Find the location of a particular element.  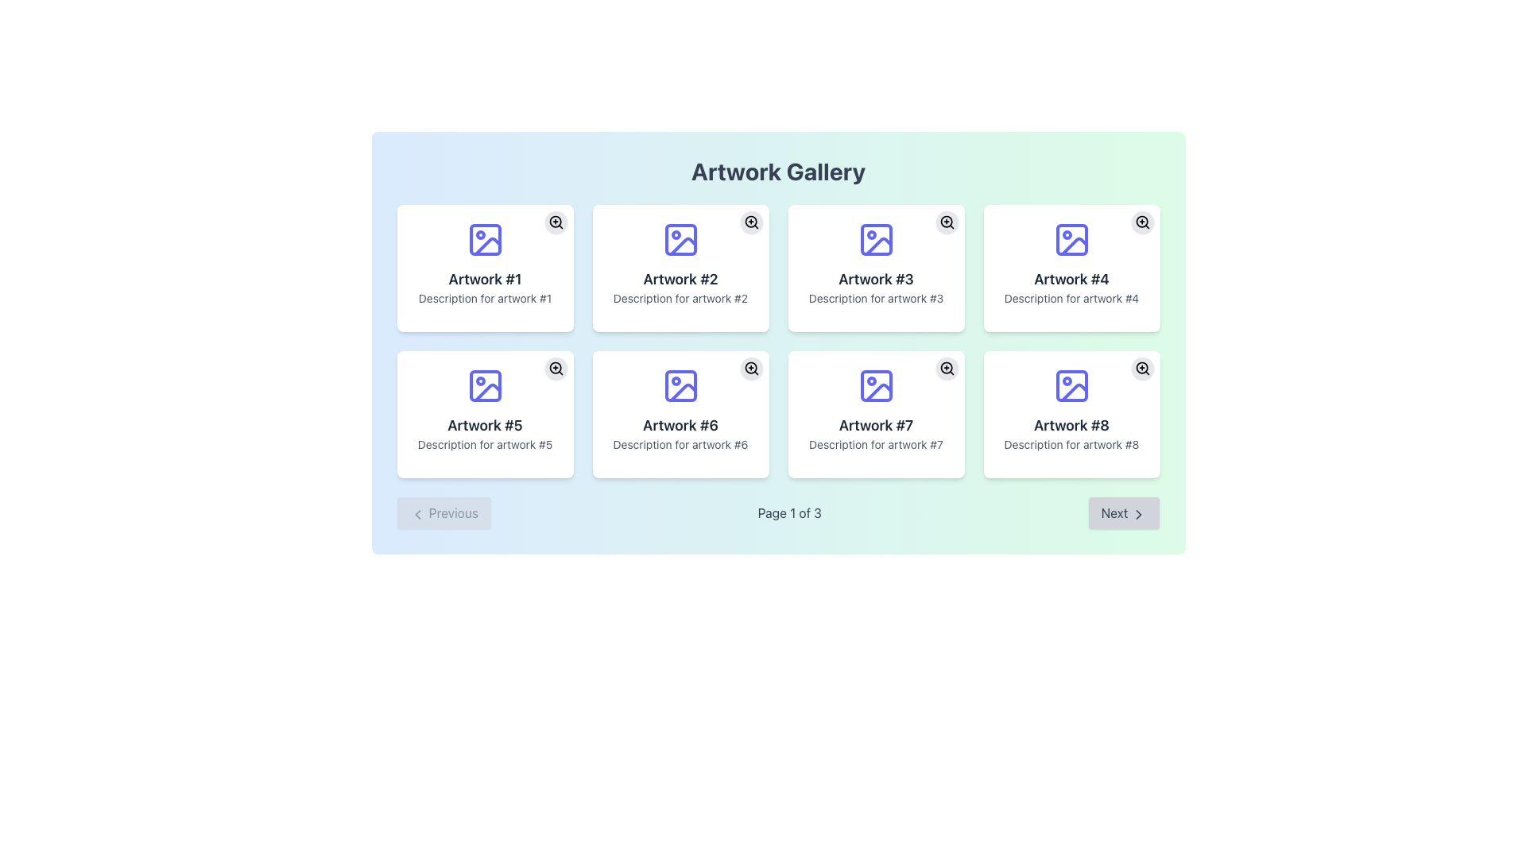

text displayed in the text label located at the top-center of the sixth card in the grid layout is located at coordinates (680, 425).